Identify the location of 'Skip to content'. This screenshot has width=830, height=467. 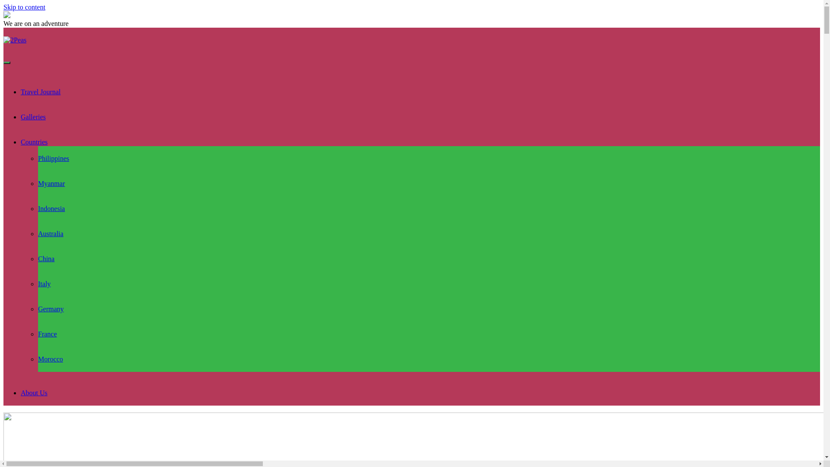
(24, 7).